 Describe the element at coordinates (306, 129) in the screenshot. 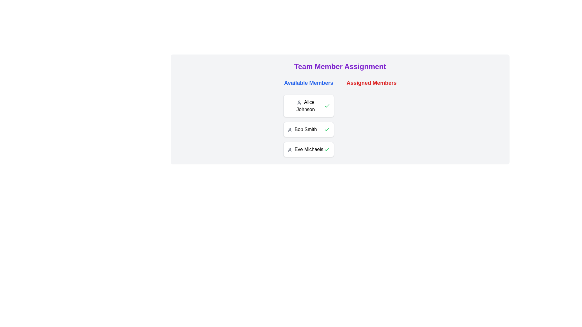

I see `the second member in the 'Available Members' section, which is located below 'Alice Johnson' and above 'Eve Michaels'` at that location.